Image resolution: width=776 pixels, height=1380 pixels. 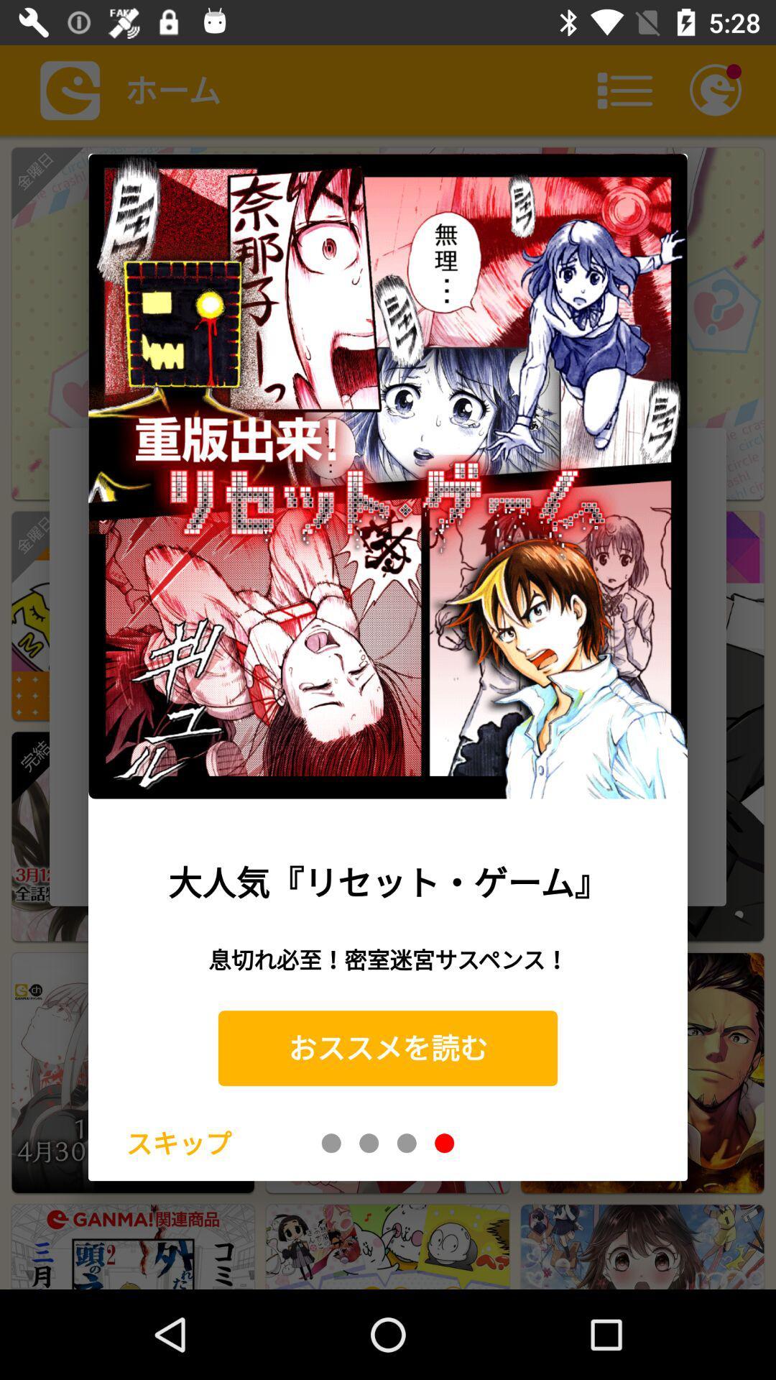 I want to click on indicates which page is displayed, so click(x=331, y=1142).